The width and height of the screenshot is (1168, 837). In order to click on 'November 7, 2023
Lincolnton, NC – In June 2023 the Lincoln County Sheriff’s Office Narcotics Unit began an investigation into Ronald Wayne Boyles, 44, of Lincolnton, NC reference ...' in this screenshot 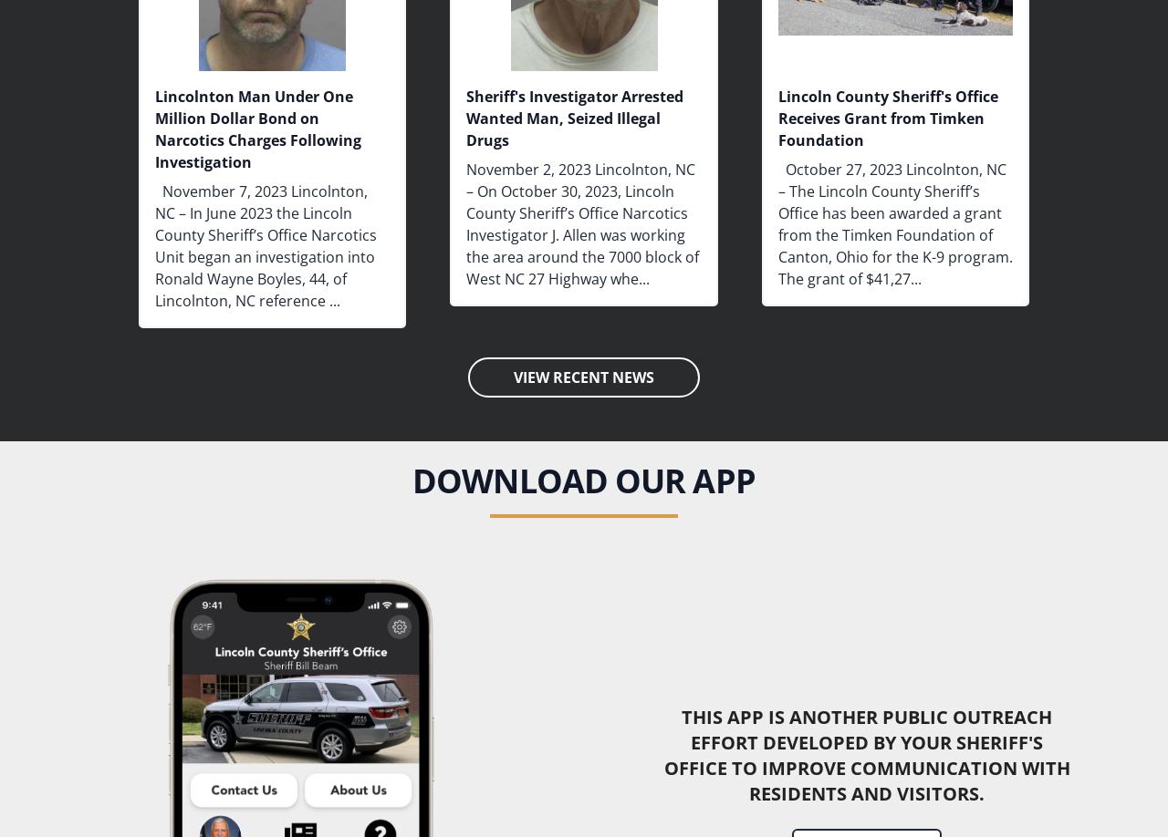, I will do `click(265, 243)`.